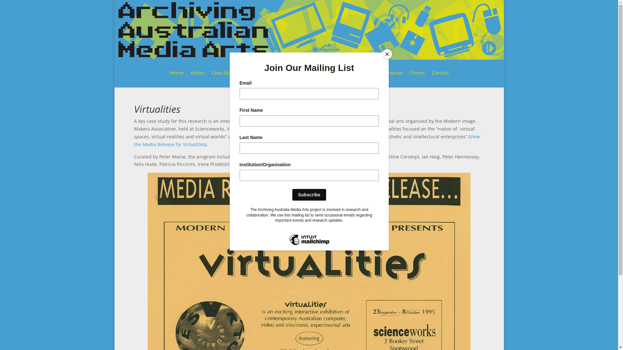 This screenshot has height=350, width=623. I want to click on 'Contact', so click(431, 77).